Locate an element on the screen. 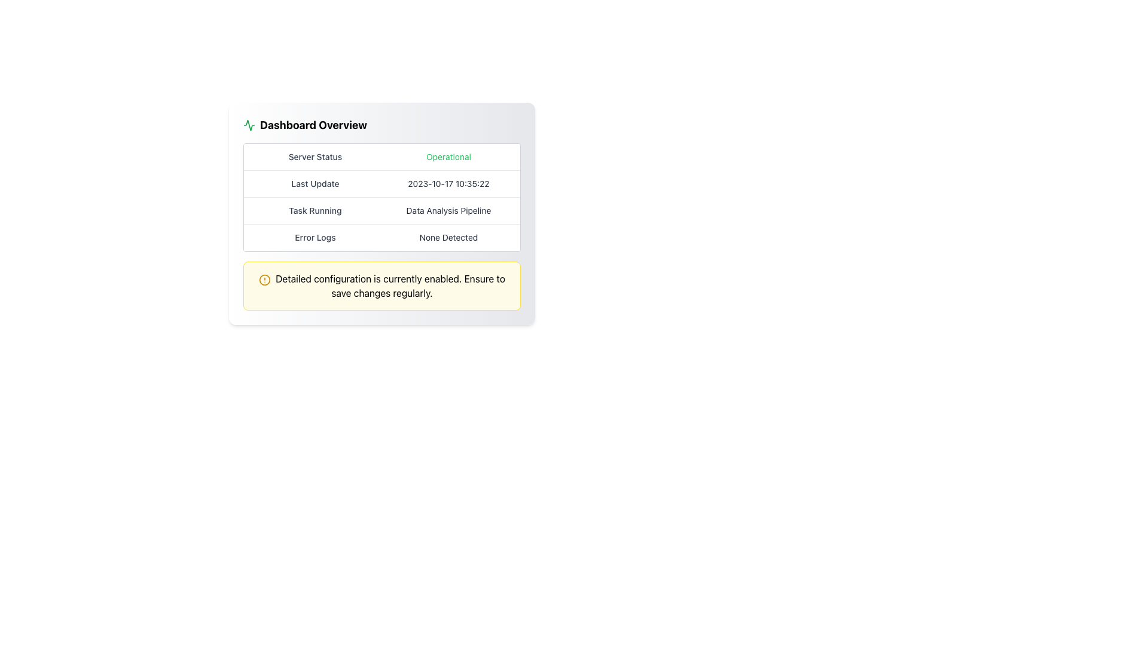  the Information Display Row that indicates 'None Detected' in the right column of the error logs section, located at the bottom of the status group is located at coordinates (381, 238).